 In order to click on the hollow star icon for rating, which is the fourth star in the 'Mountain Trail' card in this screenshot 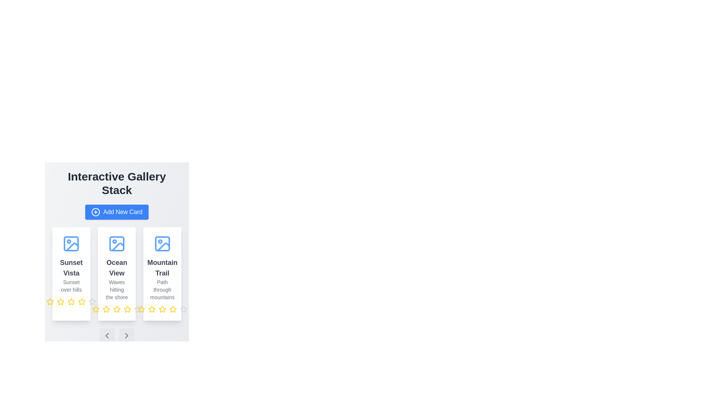, I will do `click(138, 309)`.